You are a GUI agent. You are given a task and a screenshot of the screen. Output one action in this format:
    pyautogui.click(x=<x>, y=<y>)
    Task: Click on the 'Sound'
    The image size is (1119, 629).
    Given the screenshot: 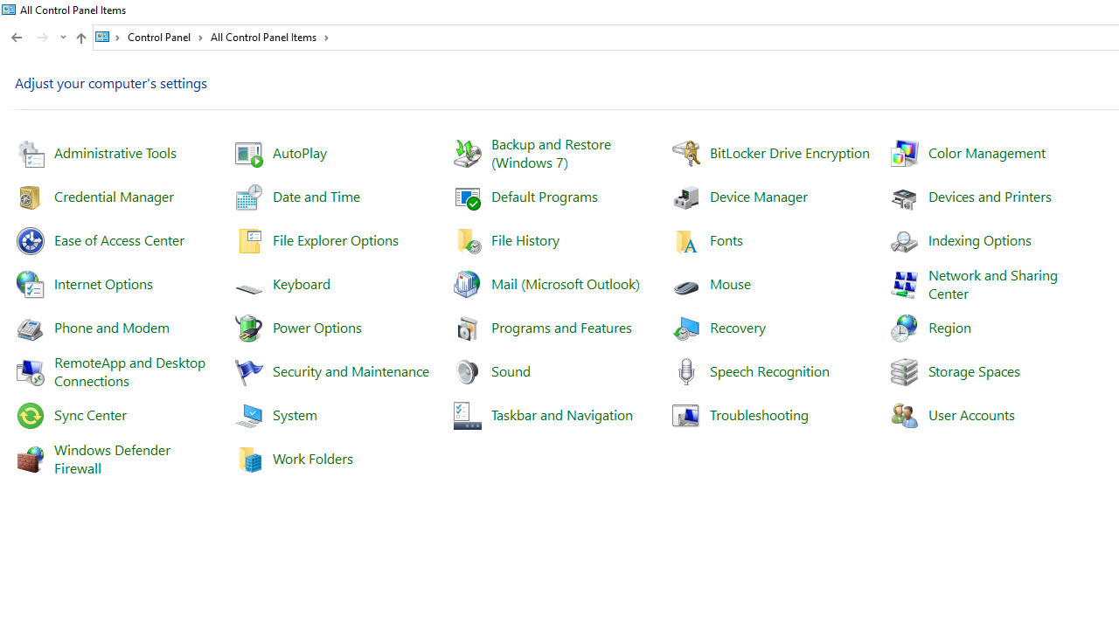 What is the action you would take?
    pyautogui.click(x=510, y=370)
    